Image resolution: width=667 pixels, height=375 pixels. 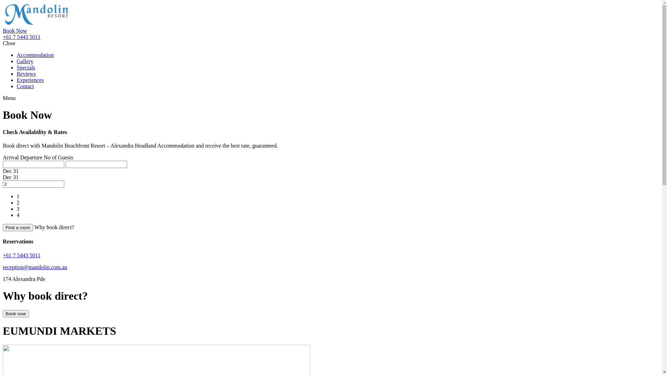 I want to click on 'reception@mandolin.com.au', so click(x=34, y=267).